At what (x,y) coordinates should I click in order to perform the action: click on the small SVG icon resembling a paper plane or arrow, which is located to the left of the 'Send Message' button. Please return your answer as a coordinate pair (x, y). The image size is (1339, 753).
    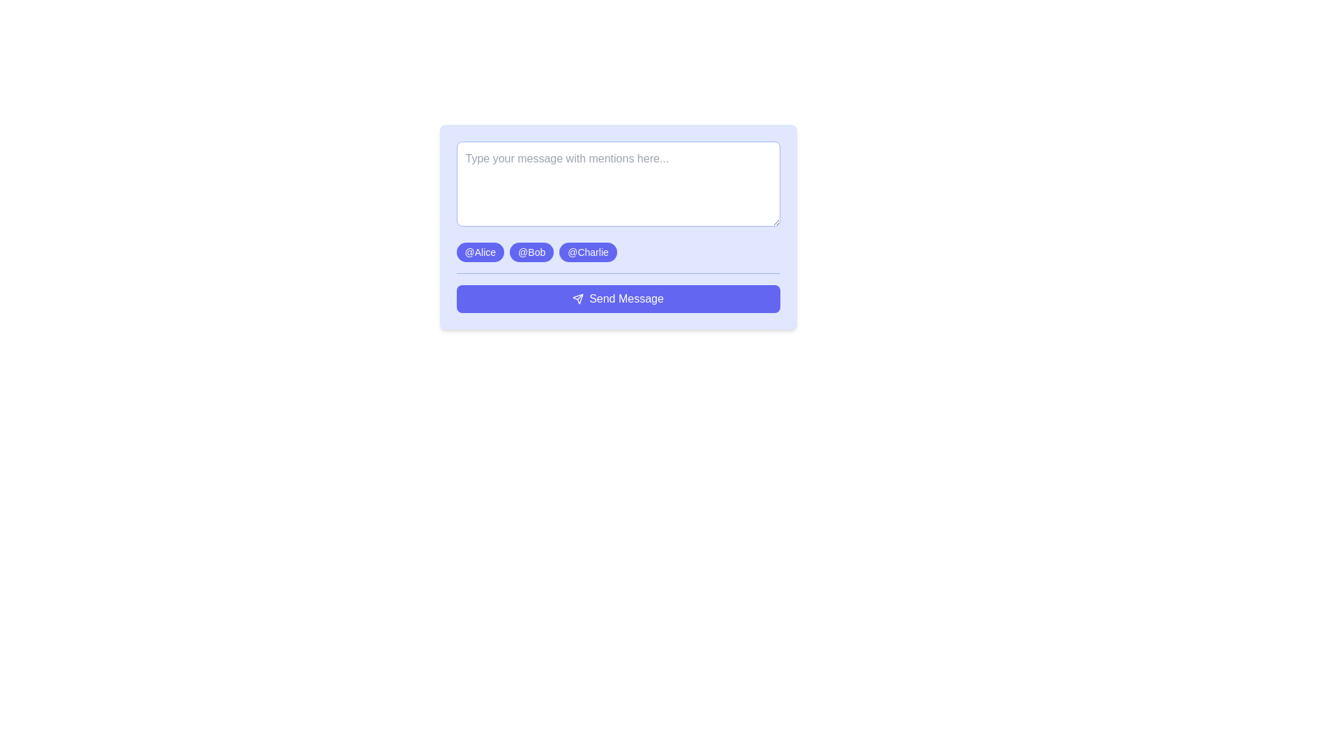
    Looking at the image, I should click on (578, 298).